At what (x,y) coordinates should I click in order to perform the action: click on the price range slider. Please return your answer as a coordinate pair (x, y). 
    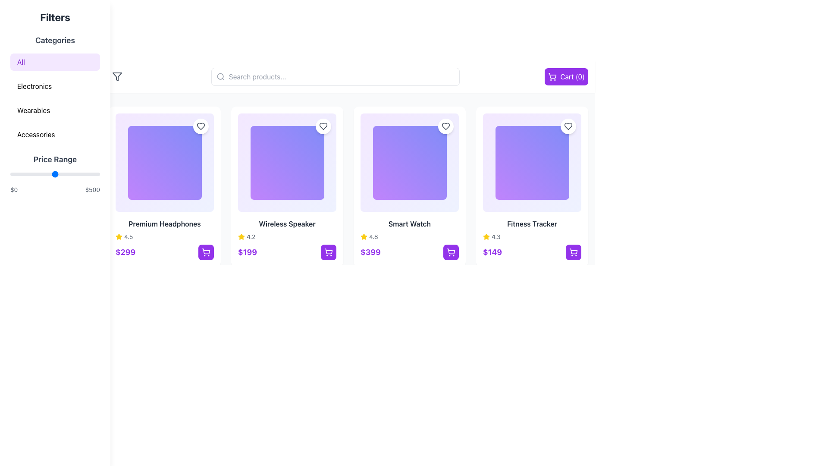
    Looking at the image, I should click on (37, 174).